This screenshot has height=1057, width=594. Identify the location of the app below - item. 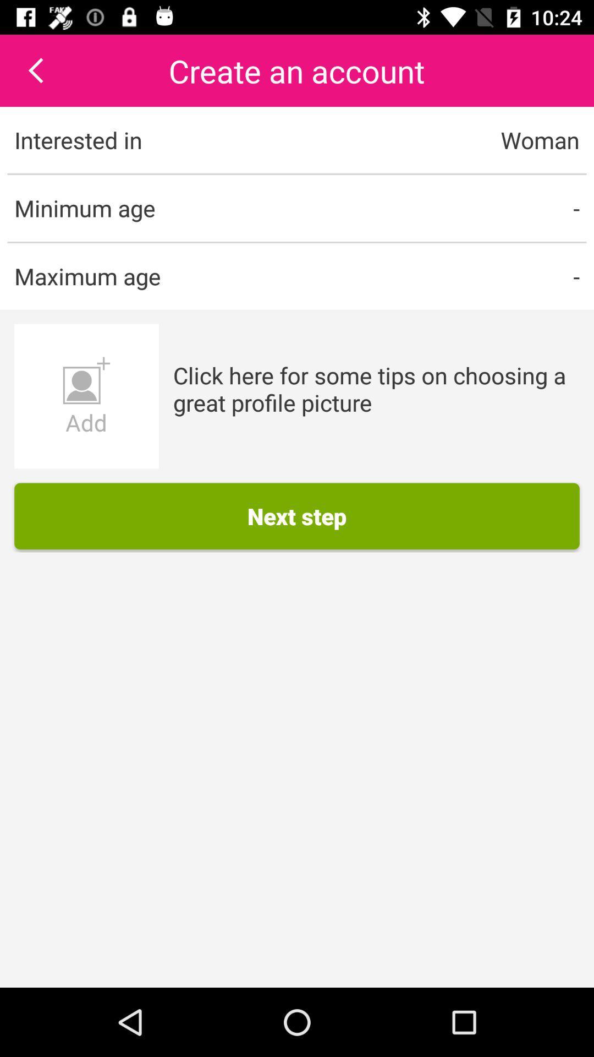
(376, 389).